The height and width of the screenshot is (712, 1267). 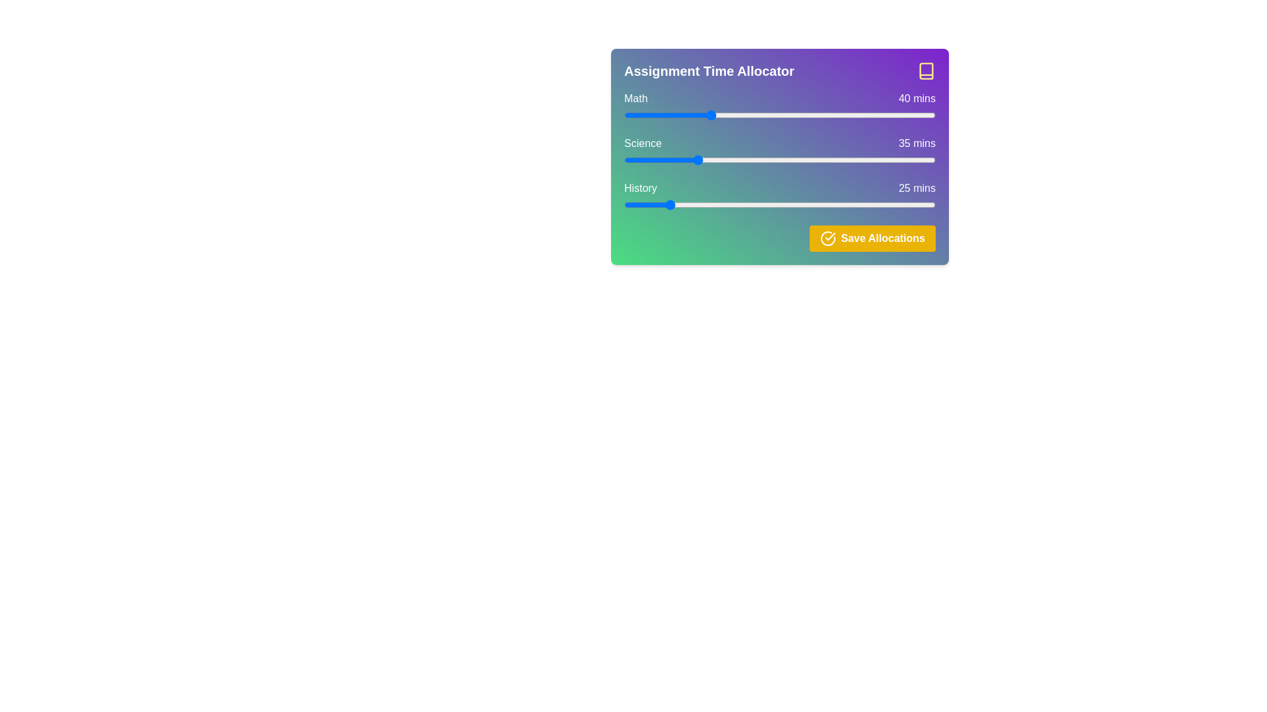 What do you see at coordinates (810, 160) in the screenshot?
I see `time allocation for Science` at bounding box center [810, 160].